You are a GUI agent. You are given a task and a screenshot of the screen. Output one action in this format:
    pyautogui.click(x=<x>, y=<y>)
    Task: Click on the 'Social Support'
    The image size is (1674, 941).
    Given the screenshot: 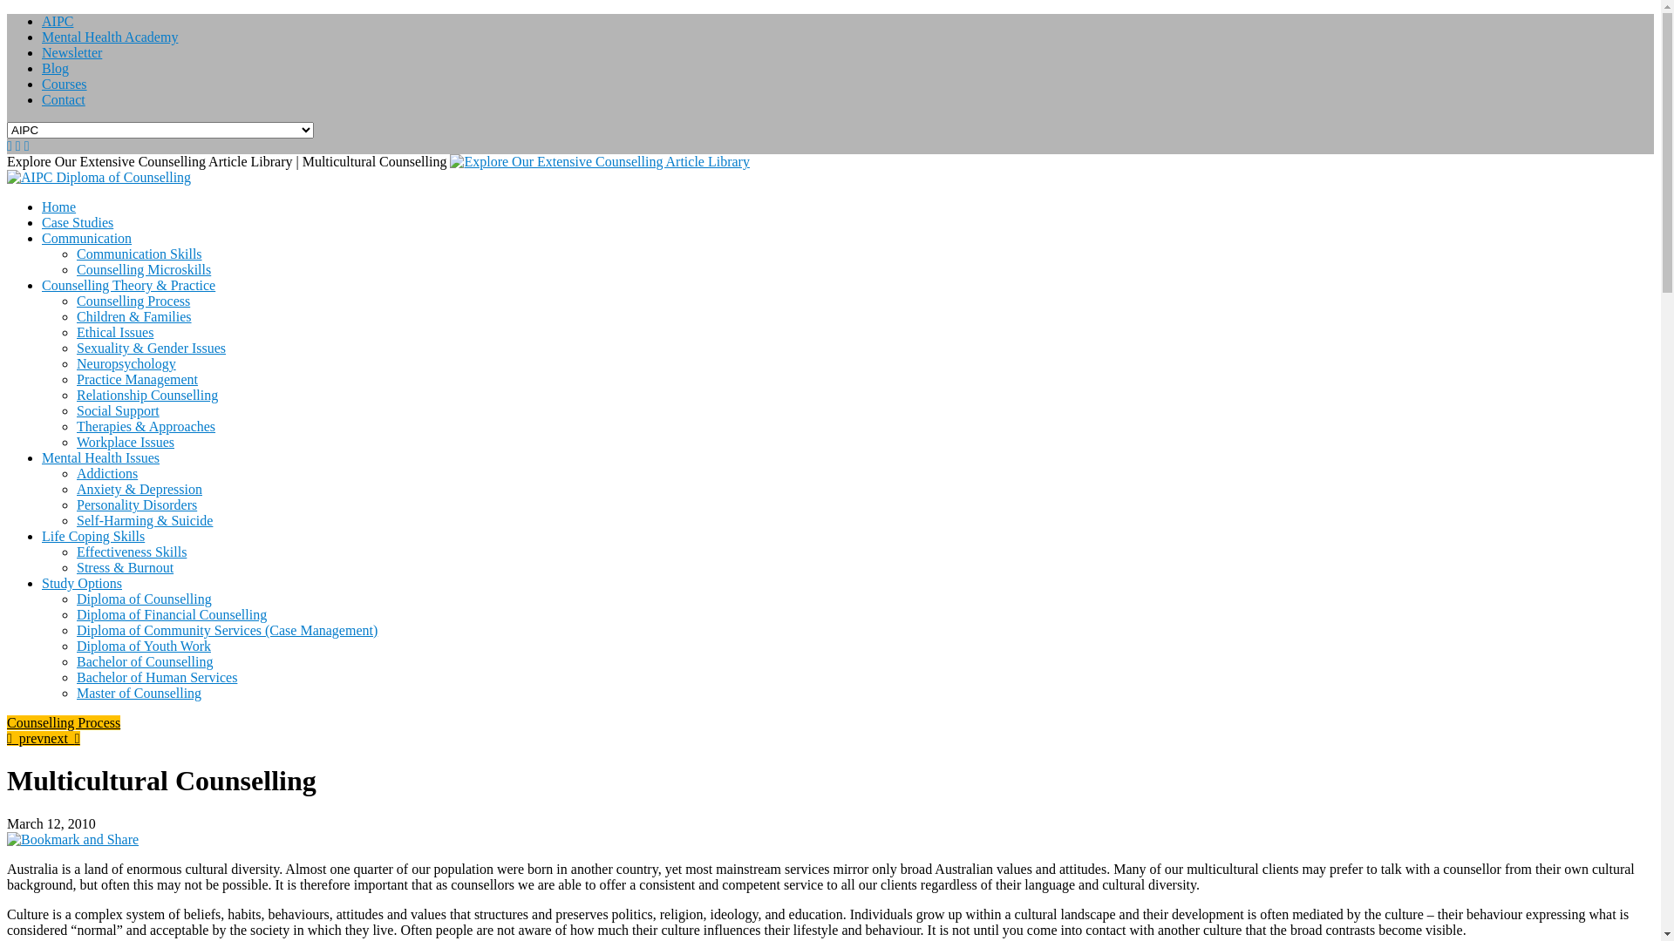 What is the action you would take?
    pyautogui.click(x=117, y=410)
    